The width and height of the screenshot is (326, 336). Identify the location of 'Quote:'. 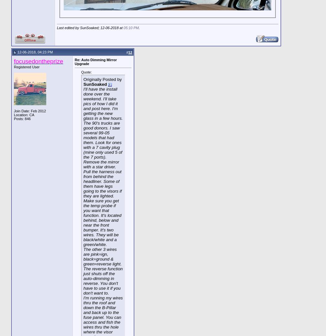
(86, 72).